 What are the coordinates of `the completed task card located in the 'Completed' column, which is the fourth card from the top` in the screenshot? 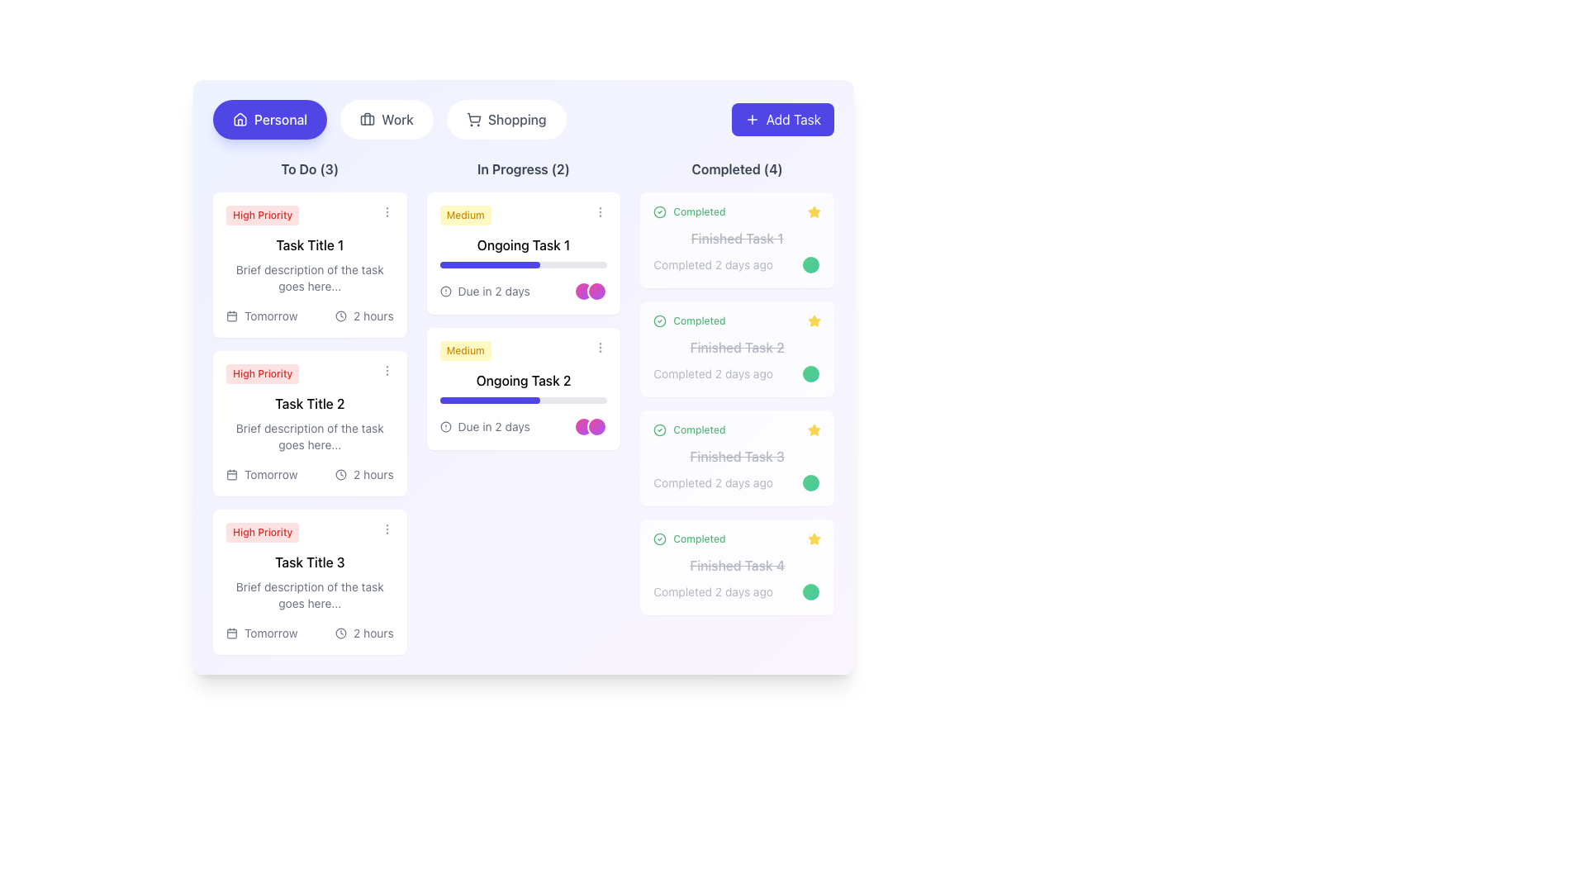 It's located at (736, 566).